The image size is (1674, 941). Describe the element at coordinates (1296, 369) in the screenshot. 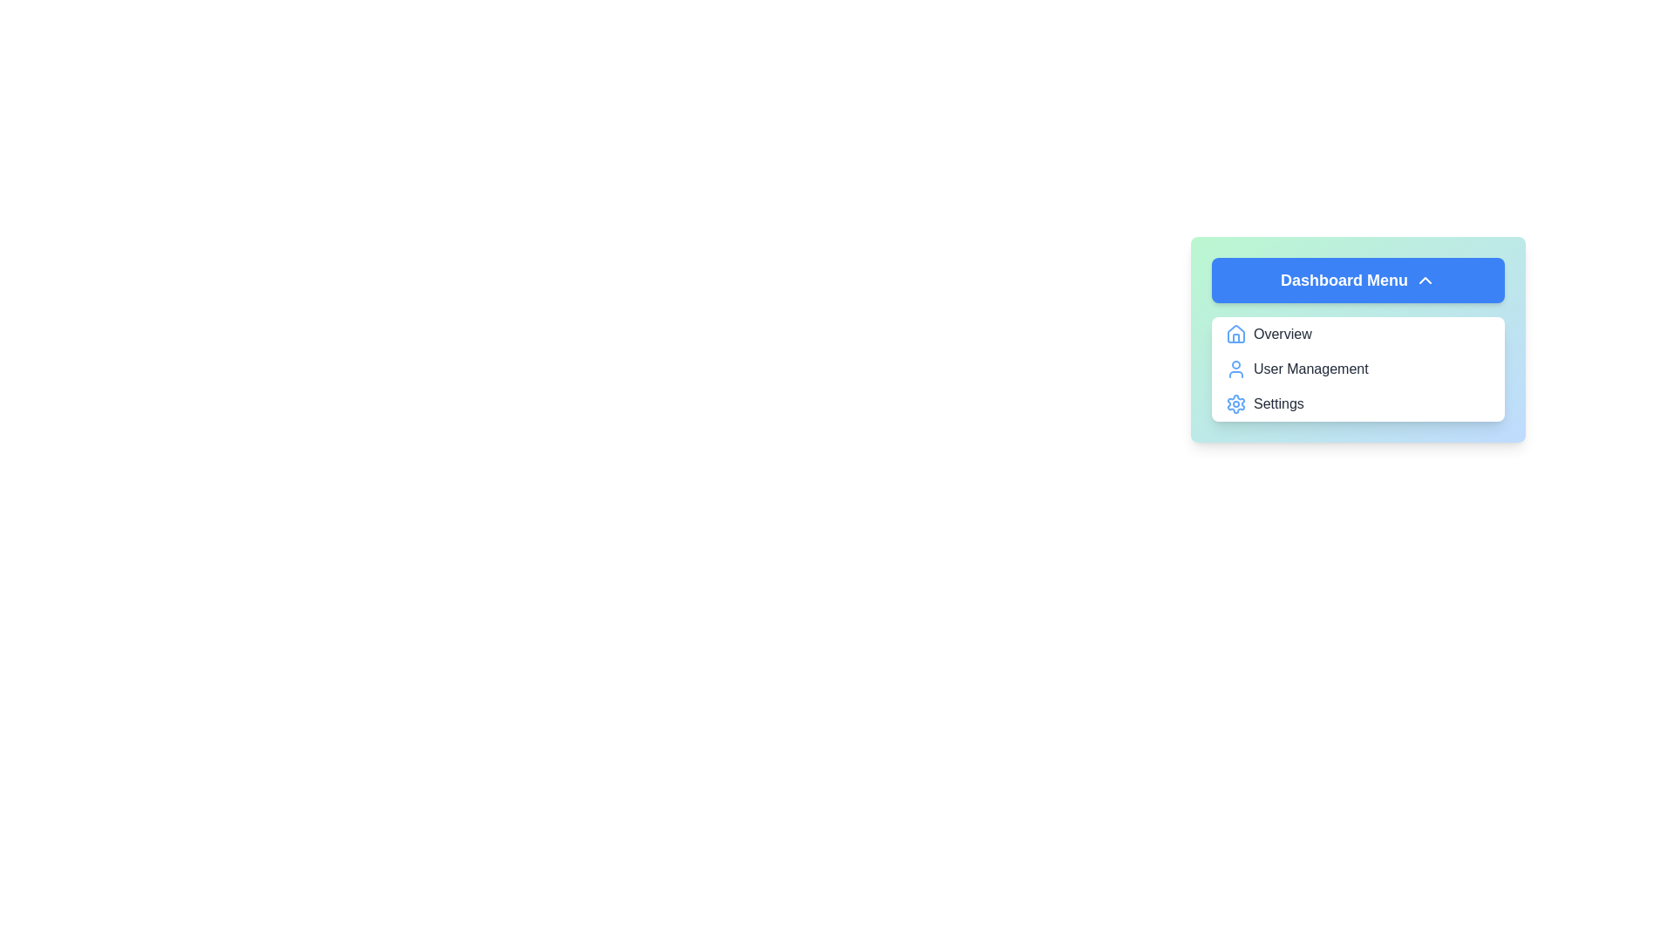

I see `the menu item User Management from the Dashboard Menu` at that location.